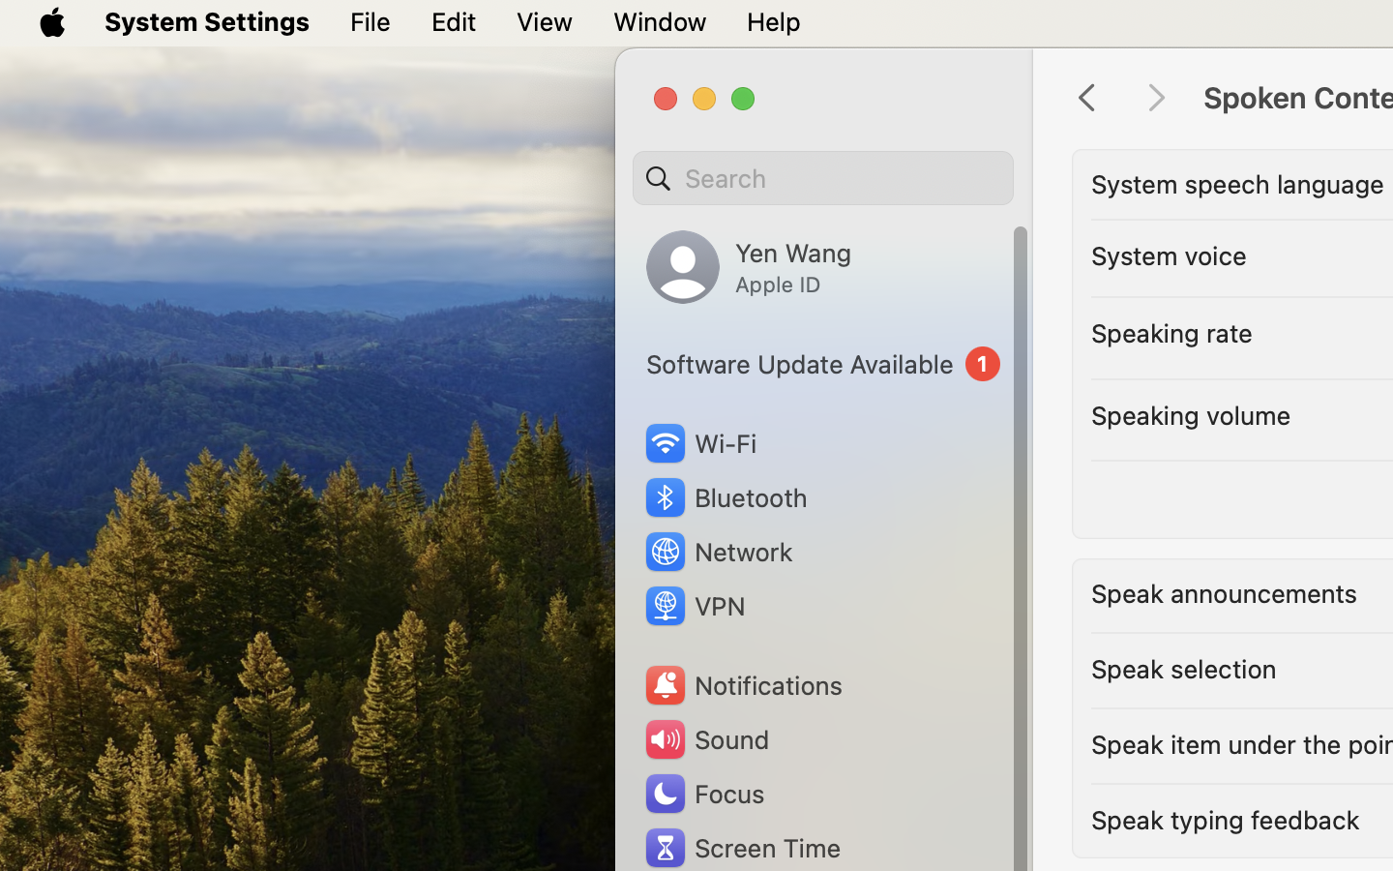  Describe the element at coordinates (1168, 254) in the screenshot. I see `'System voice'` at that location.